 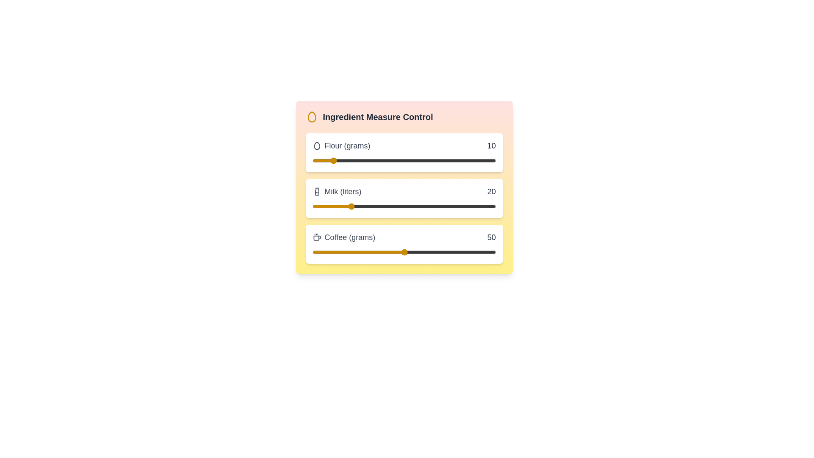 What do you see at coordinates (491, 237) in the screenshot?
I see `the text label element displaying the current coffee measurement value '50', which is located in the bottommost row of the card, to the right of the slider` at bounding box center [491, 237].